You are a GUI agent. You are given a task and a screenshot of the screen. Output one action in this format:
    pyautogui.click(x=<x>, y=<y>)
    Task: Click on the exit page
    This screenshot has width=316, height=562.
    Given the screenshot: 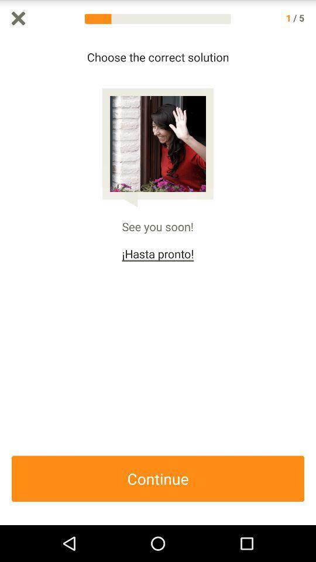 What is the action you would take?
    pyautogui.click(x=18, y=18)
    